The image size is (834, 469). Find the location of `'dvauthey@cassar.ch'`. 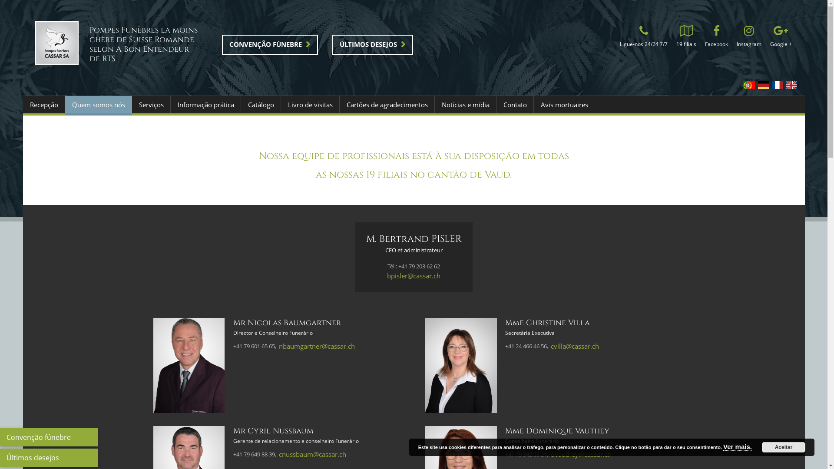

'dvauthey@cassar.ch' is located at coordinates (581, 453).